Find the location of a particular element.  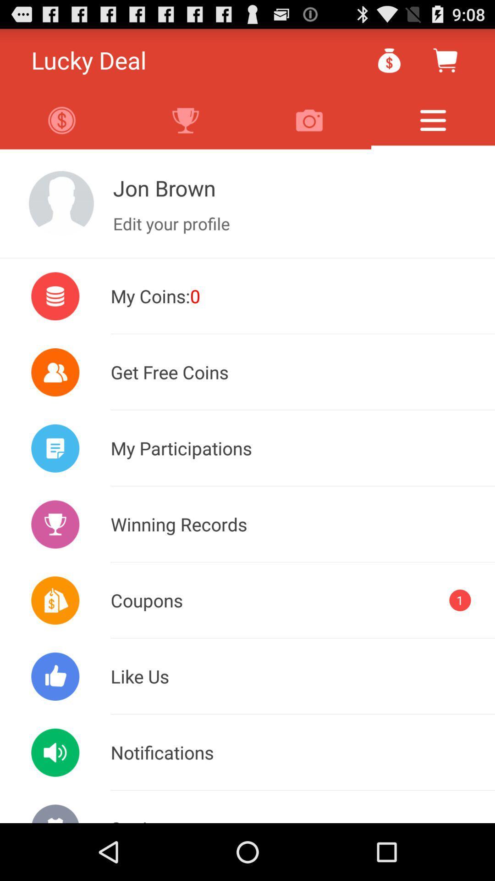

purchase is located at coordinates (445, 60).